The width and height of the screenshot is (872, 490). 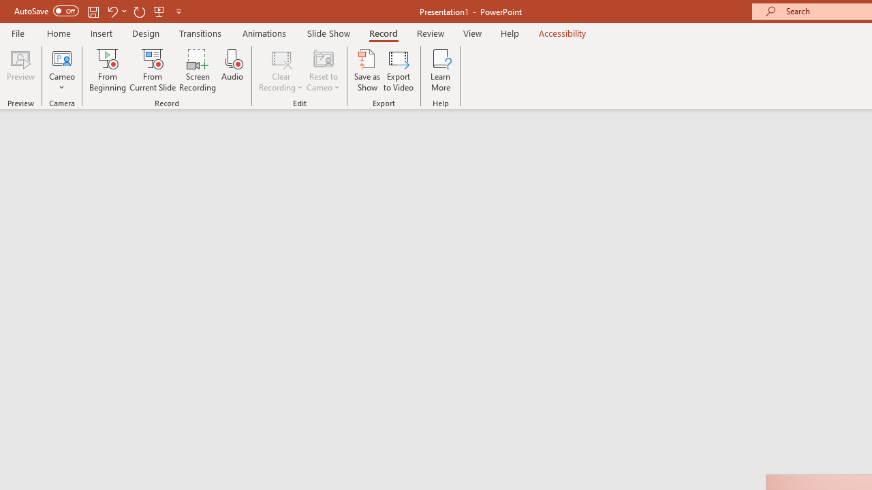 I want to click on 'From Beginning...', so click(x=107, y=70).